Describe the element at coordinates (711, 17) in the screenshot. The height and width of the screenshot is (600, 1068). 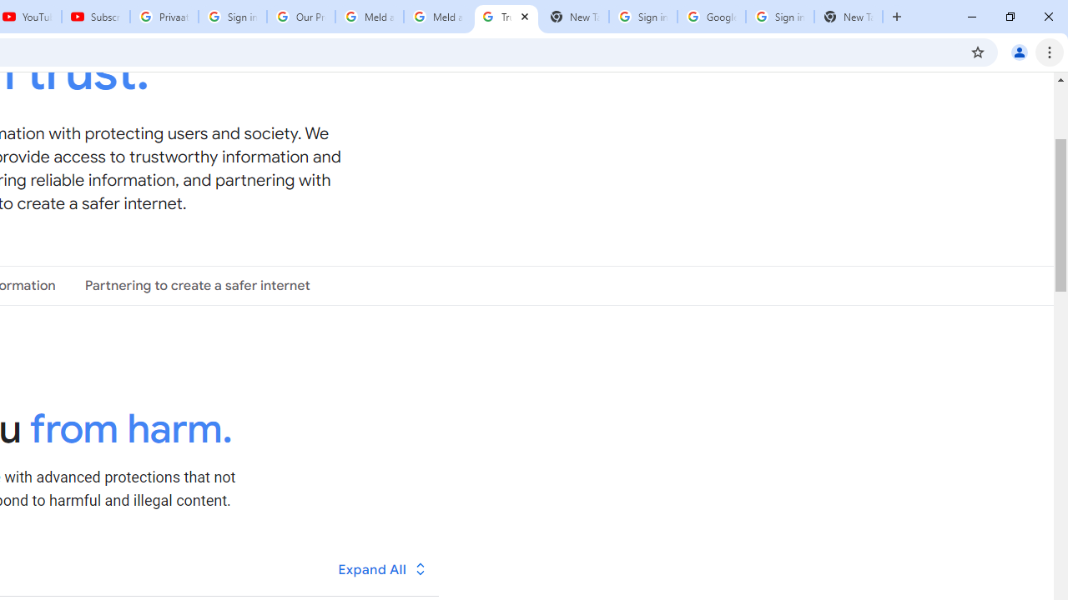
I see `'Google Cybersecurity Innovations - Google Safety Center'` at that location.